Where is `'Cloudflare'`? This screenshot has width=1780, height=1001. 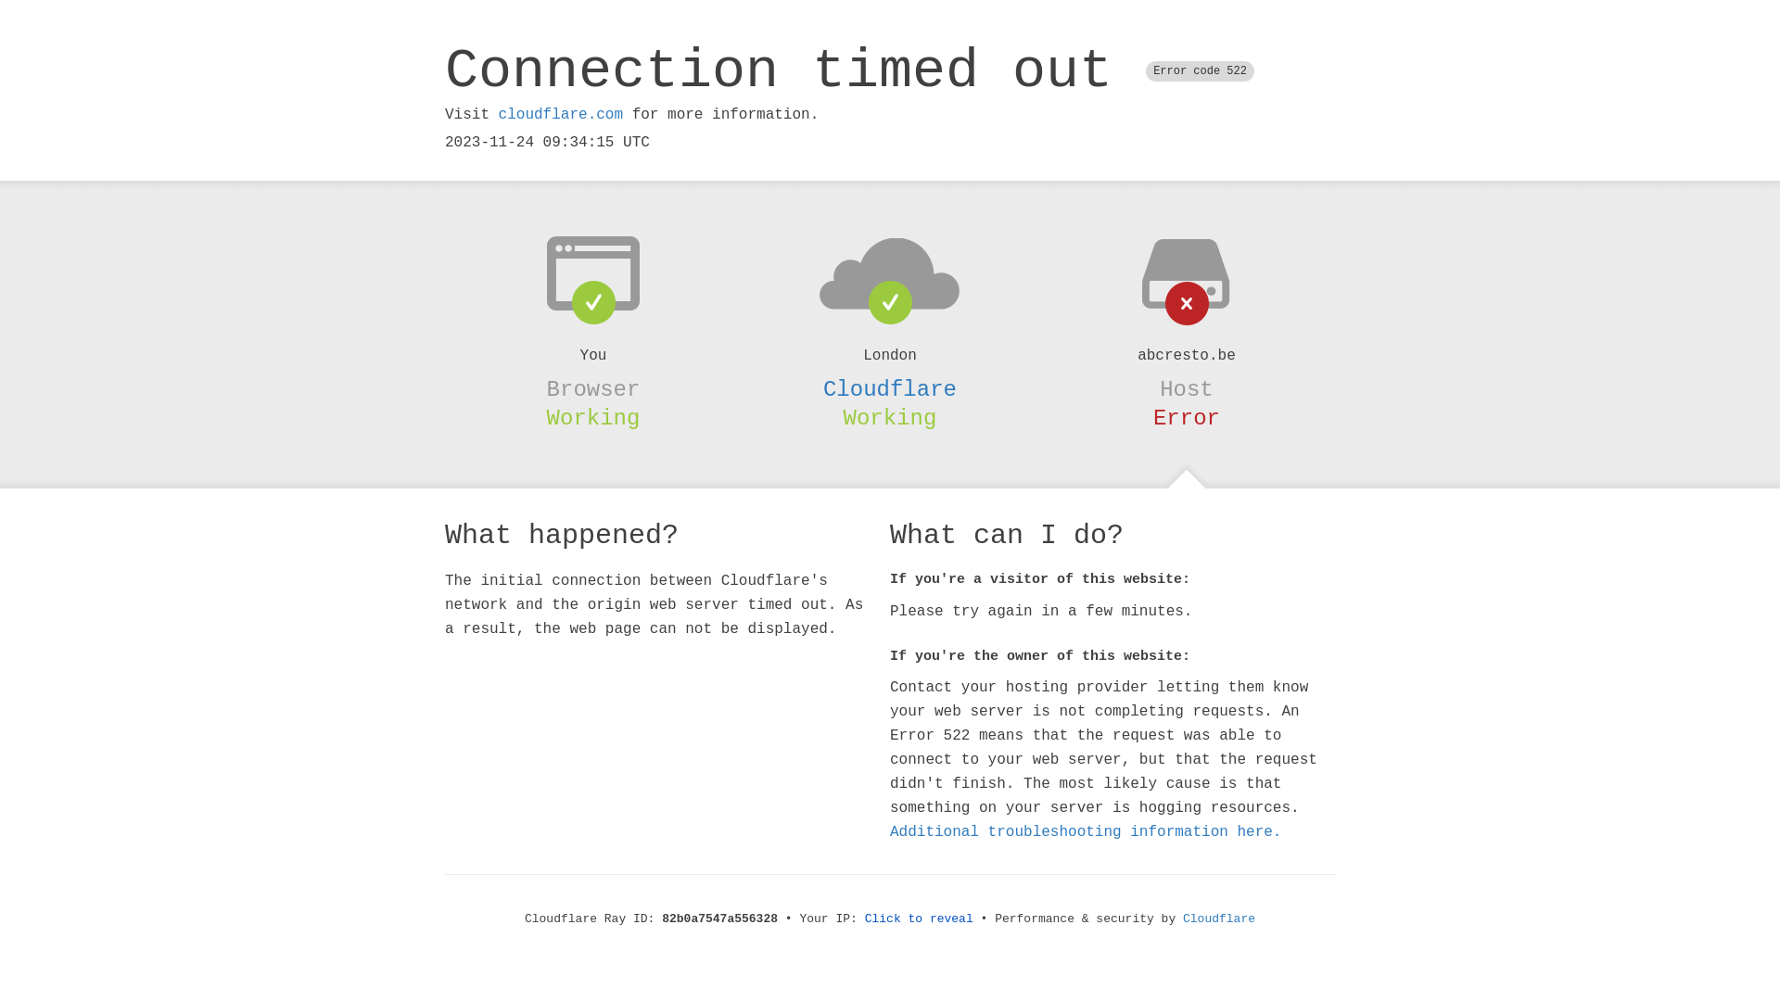
'Cloudflare' is located at coordinates (890, 388).